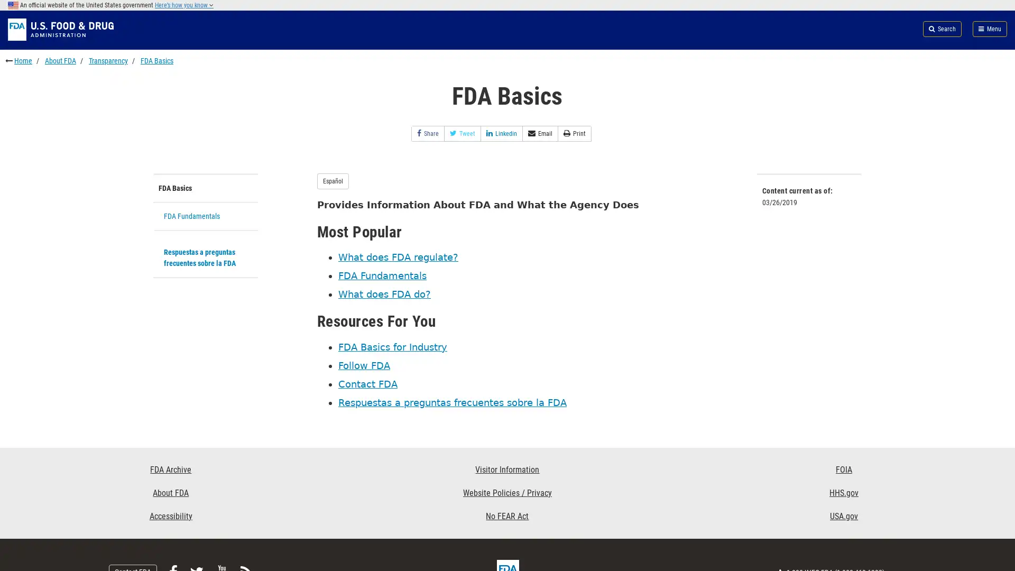 The height and width of the screenshot is (571, 1015). I want to click on Search, so click(996, 18).